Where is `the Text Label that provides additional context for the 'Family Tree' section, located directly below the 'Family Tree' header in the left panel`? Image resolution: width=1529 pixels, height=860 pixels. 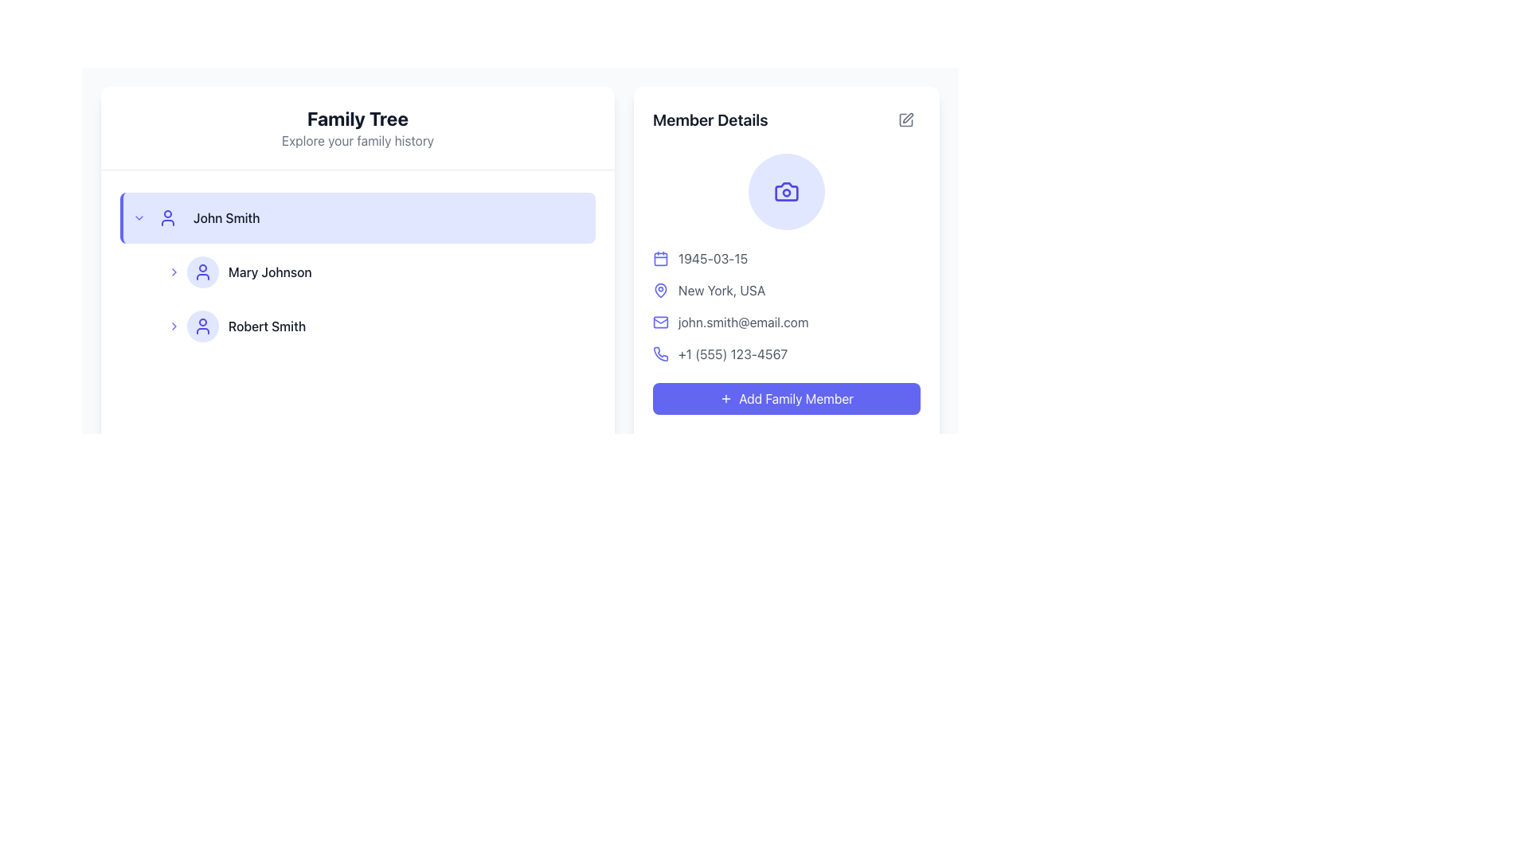
the Text Label that provides additional context for the 'Family Tree' section, located directly below the 'Family Tree' header in the left panel is located at coordinates (357, 140).